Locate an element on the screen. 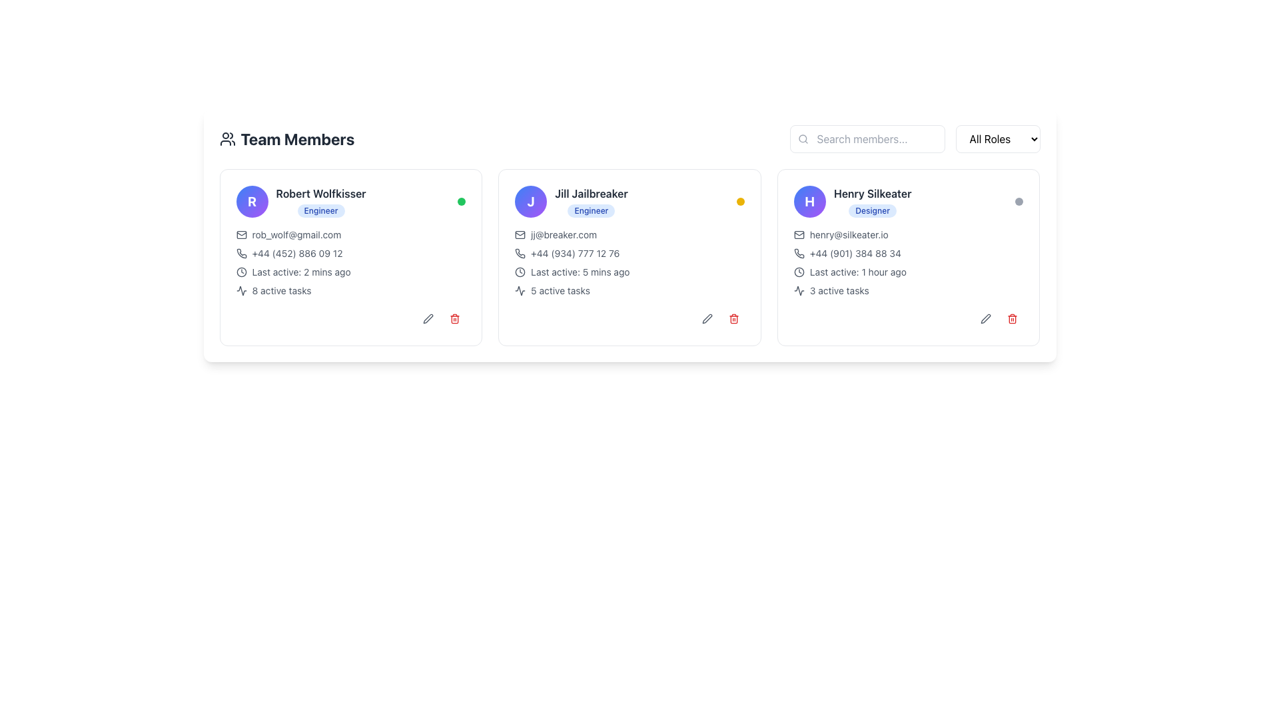 This screenshot has height=719, width=1279. the trash bin icon with a red coloration located in the action panel at the bottom-right corner of Jill Jailbreaker's user card is located at coordinates (733, 318).